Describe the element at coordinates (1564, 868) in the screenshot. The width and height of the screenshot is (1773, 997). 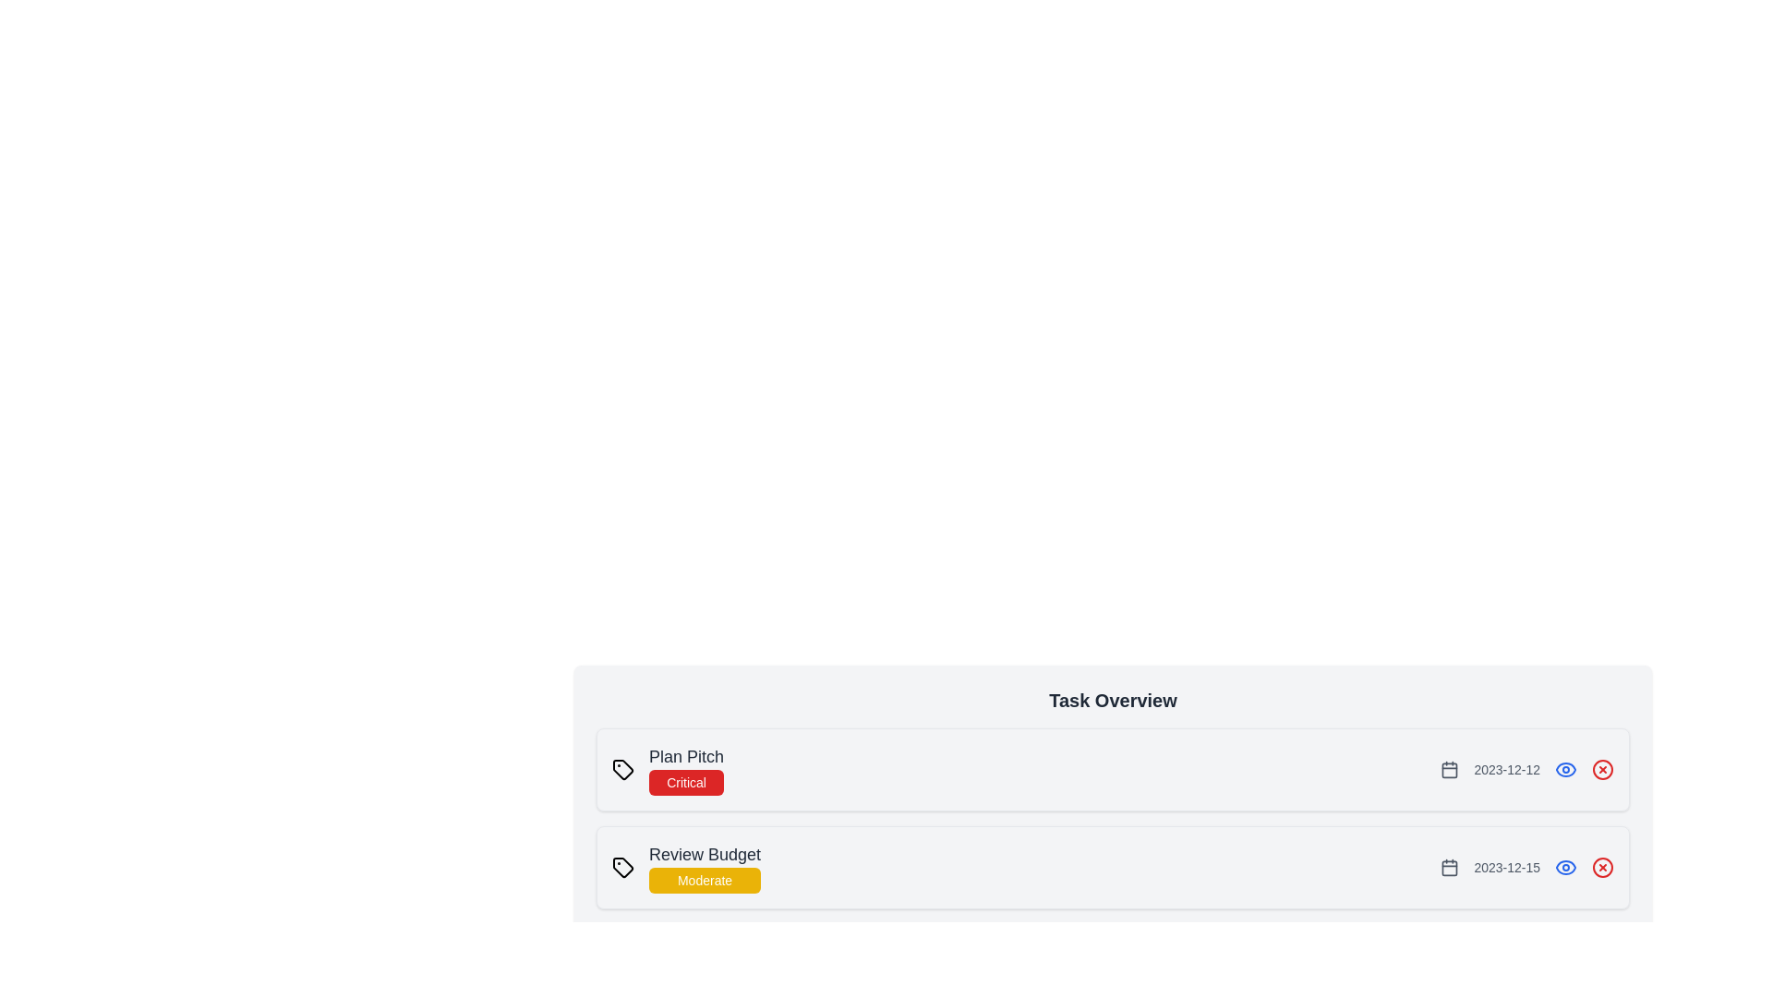
I see `the eye icon to view the details of the task identified by Review Budget` at that location.